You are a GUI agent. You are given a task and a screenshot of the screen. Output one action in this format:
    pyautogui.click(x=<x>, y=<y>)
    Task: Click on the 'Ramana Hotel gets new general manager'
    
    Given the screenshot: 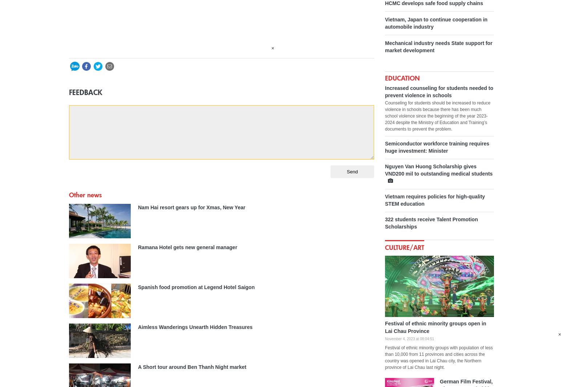 What is the action you would take?
    pyautogui.click(x=187, y=247)
    